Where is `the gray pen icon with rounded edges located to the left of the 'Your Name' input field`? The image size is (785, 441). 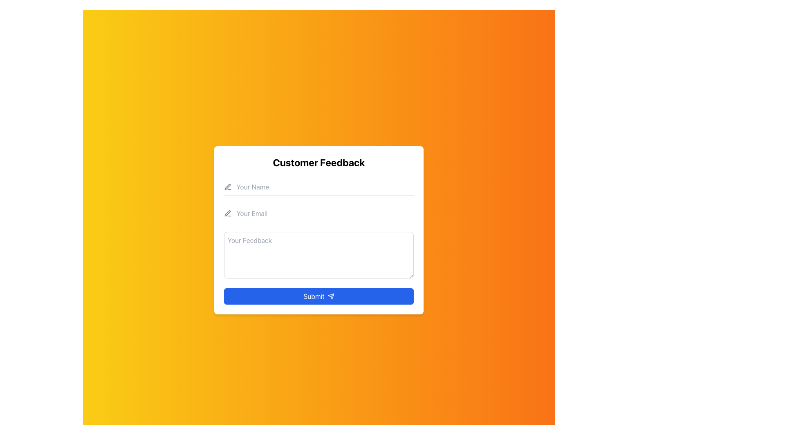 the gray pen icon with rounded edges located to the left of the 'Your Name' input field is located at coordinates (228, 187).